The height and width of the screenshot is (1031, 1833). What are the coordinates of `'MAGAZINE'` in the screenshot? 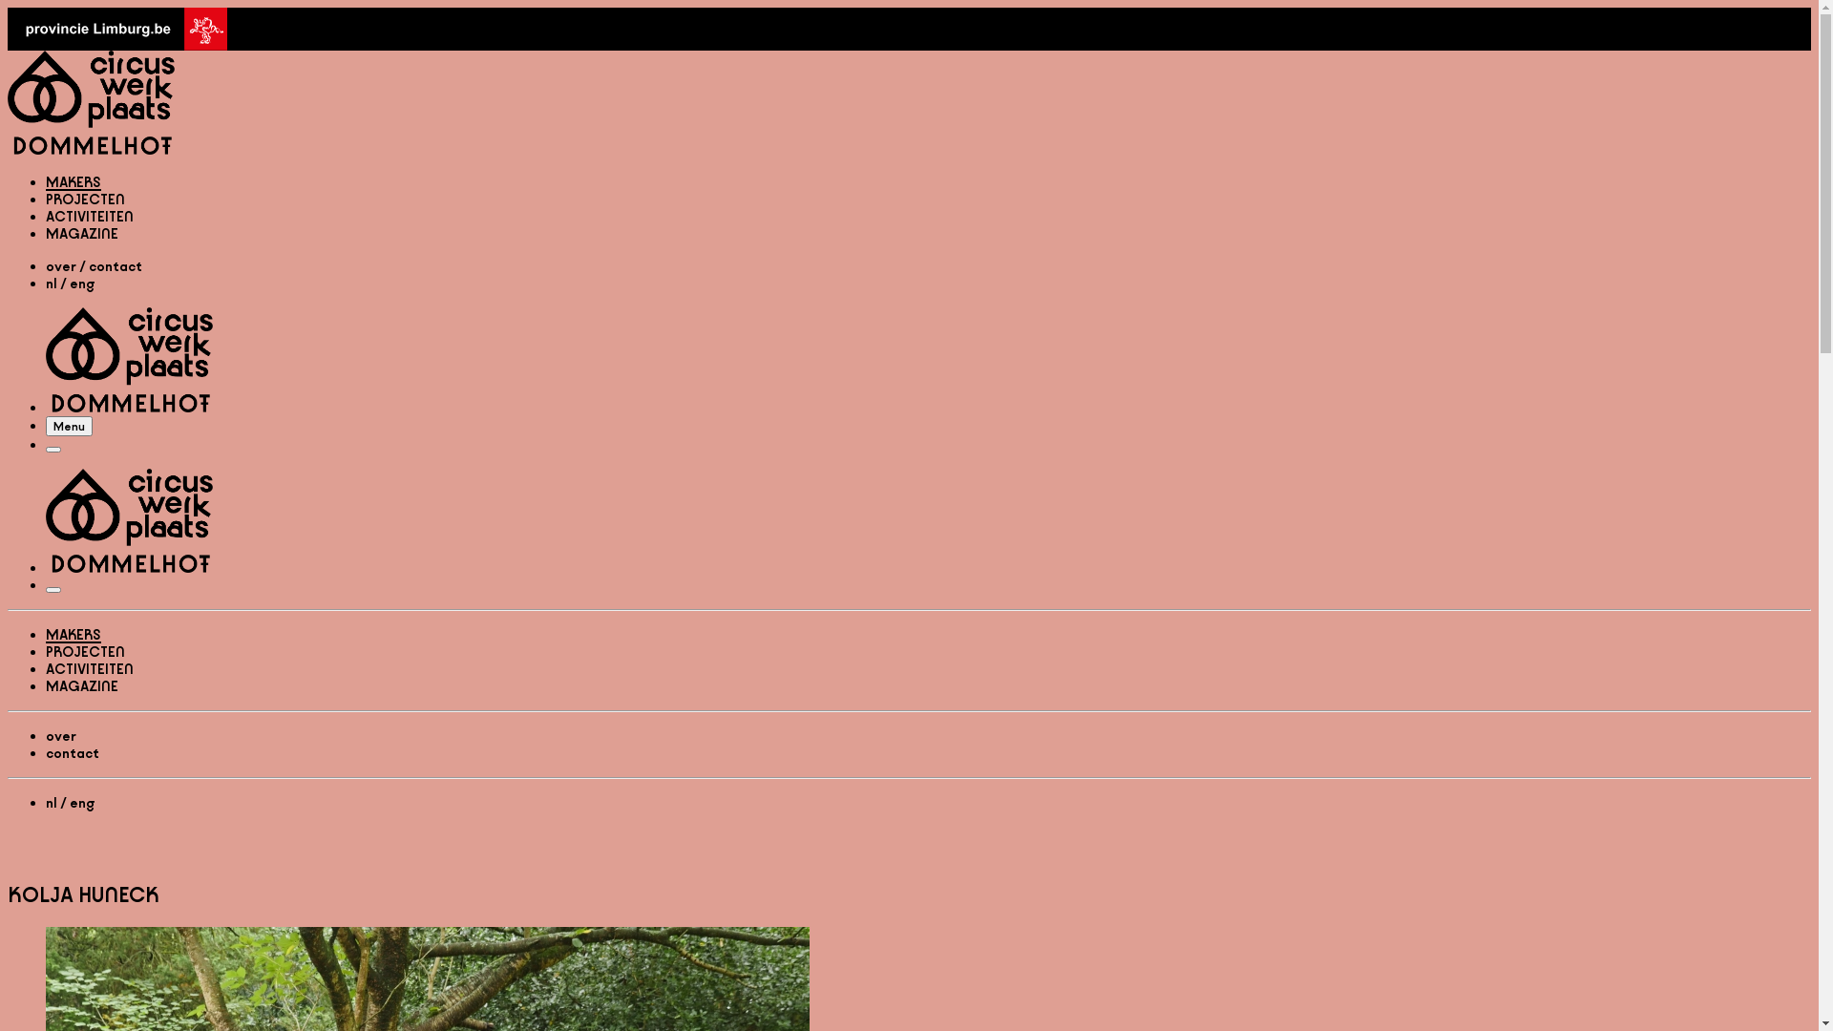 It's located at (81, 232).